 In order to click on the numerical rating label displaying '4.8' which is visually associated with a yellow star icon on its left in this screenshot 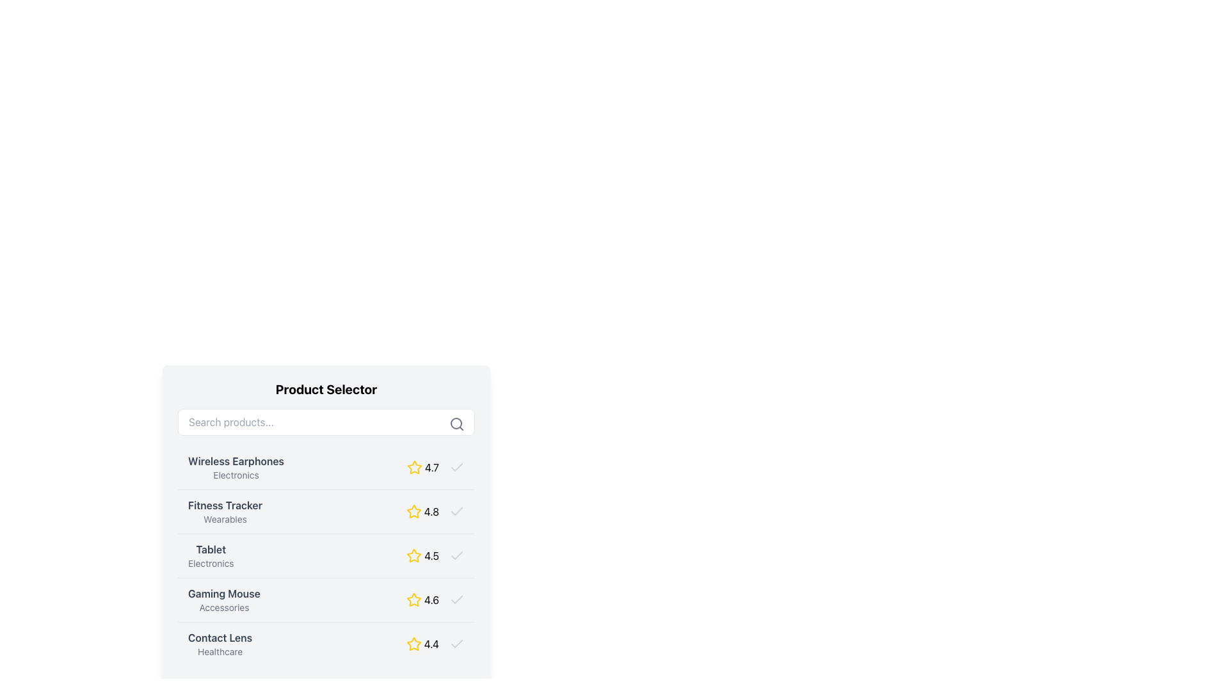, I will do `click(431, 511)`.